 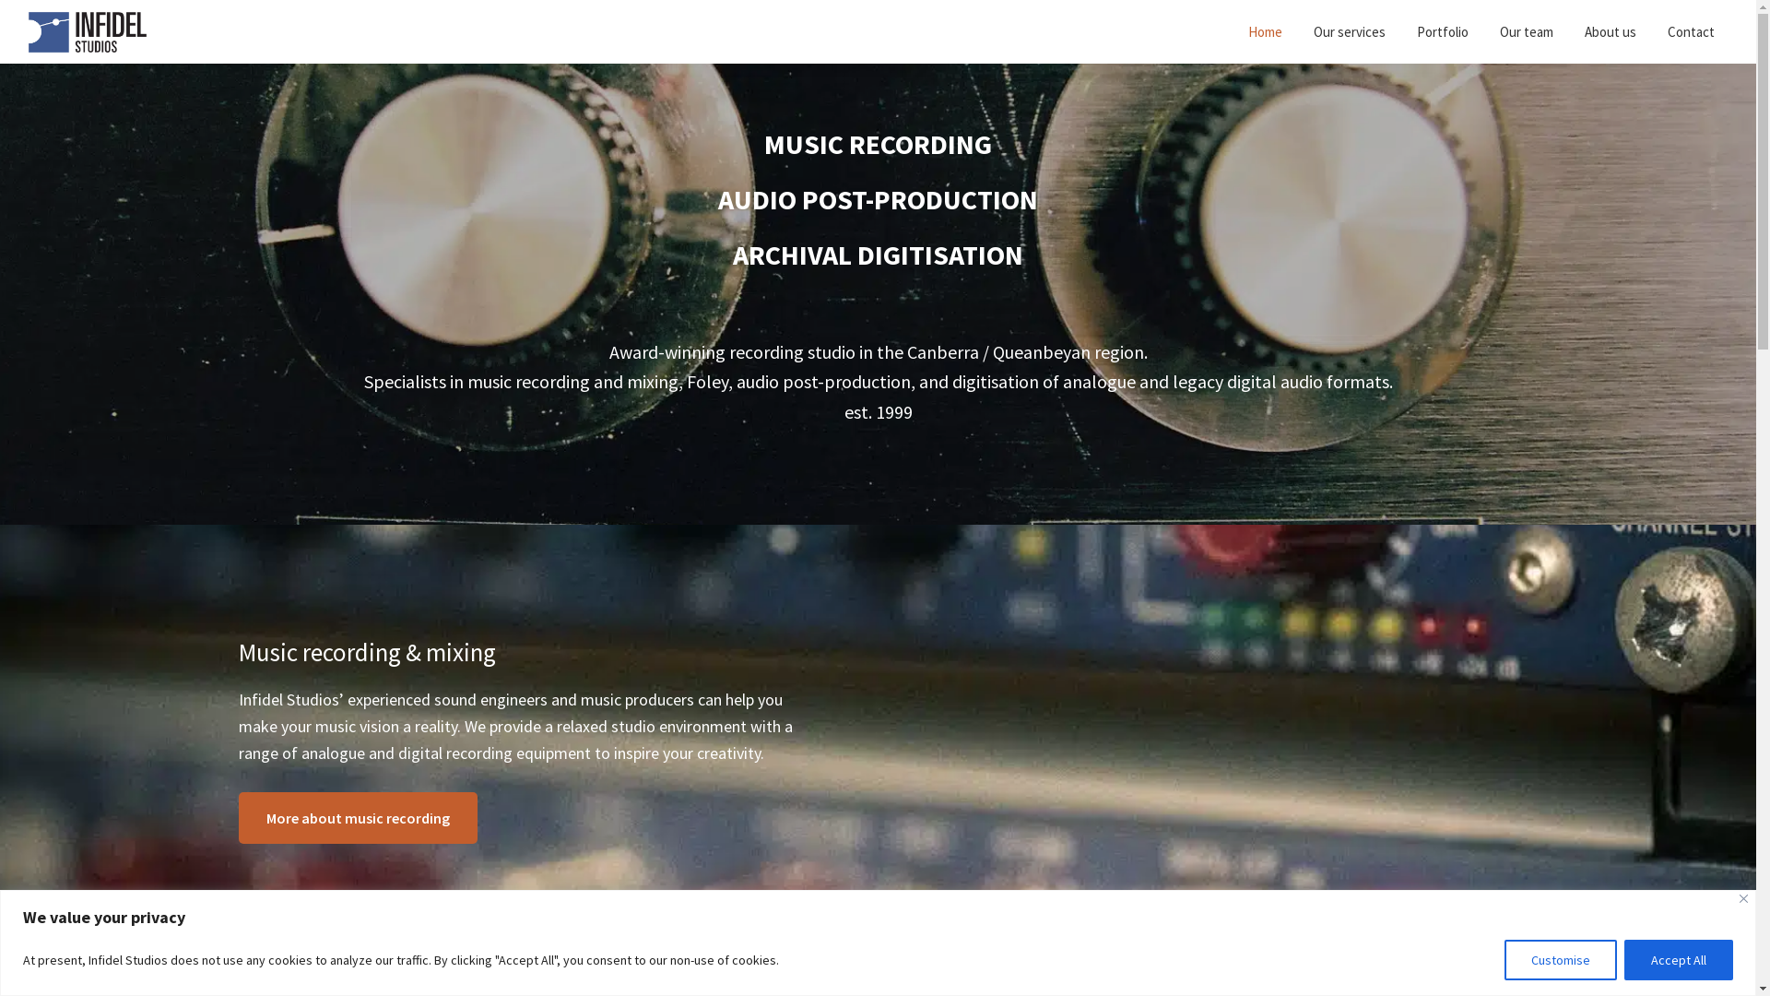 What do you see at coordinates (1350, 31) in the screenshot?
I see `'Our services'` at bounding box center [1350, 31].